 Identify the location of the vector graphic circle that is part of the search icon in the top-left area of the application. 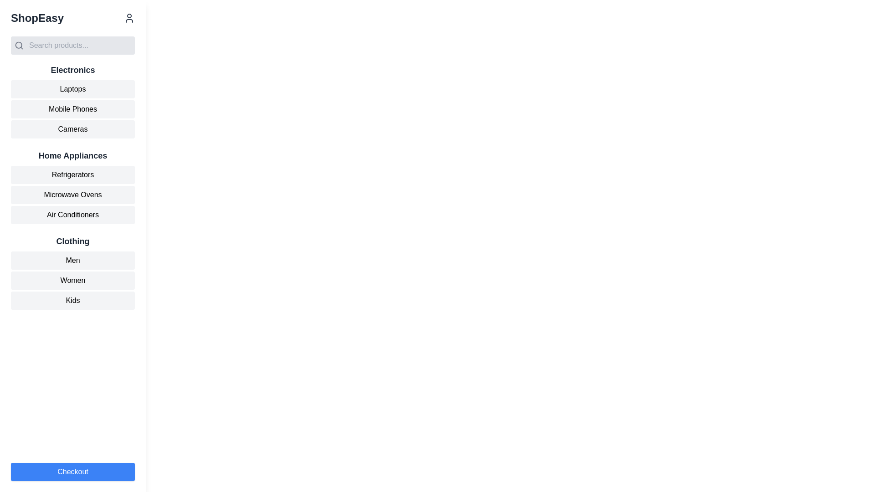
(19, 45).